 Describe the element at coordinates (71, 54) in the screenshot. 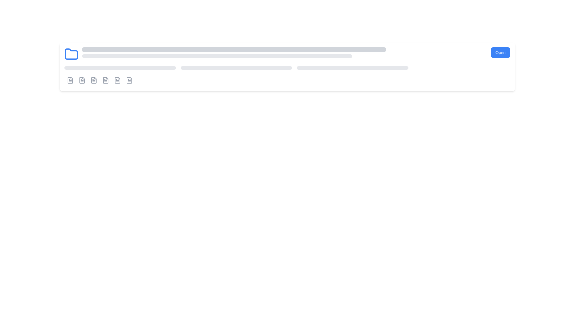

I see `the folder icon, which serves as a visual representation of a directory or file category, located at the far left of a horizontal section containing other elements` at that location.